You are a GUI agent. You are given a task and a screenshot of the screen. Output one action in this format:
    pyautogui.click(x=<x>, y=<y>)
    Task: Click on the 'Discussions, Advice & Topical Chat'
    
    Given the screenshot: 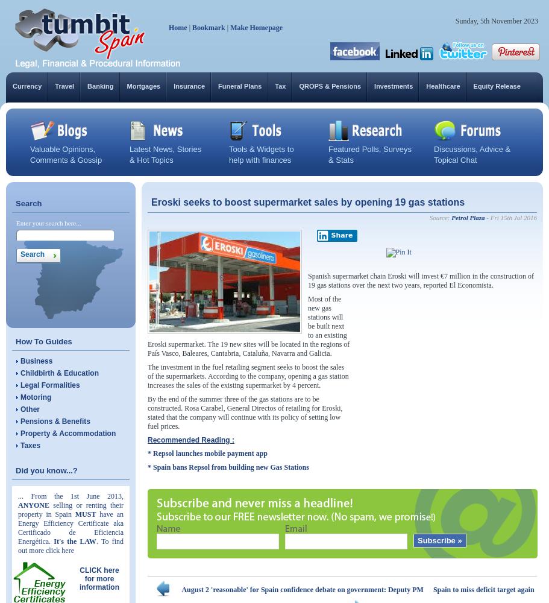 What is the action you would take?
    pyautogui.click(x=472, y=154)
    